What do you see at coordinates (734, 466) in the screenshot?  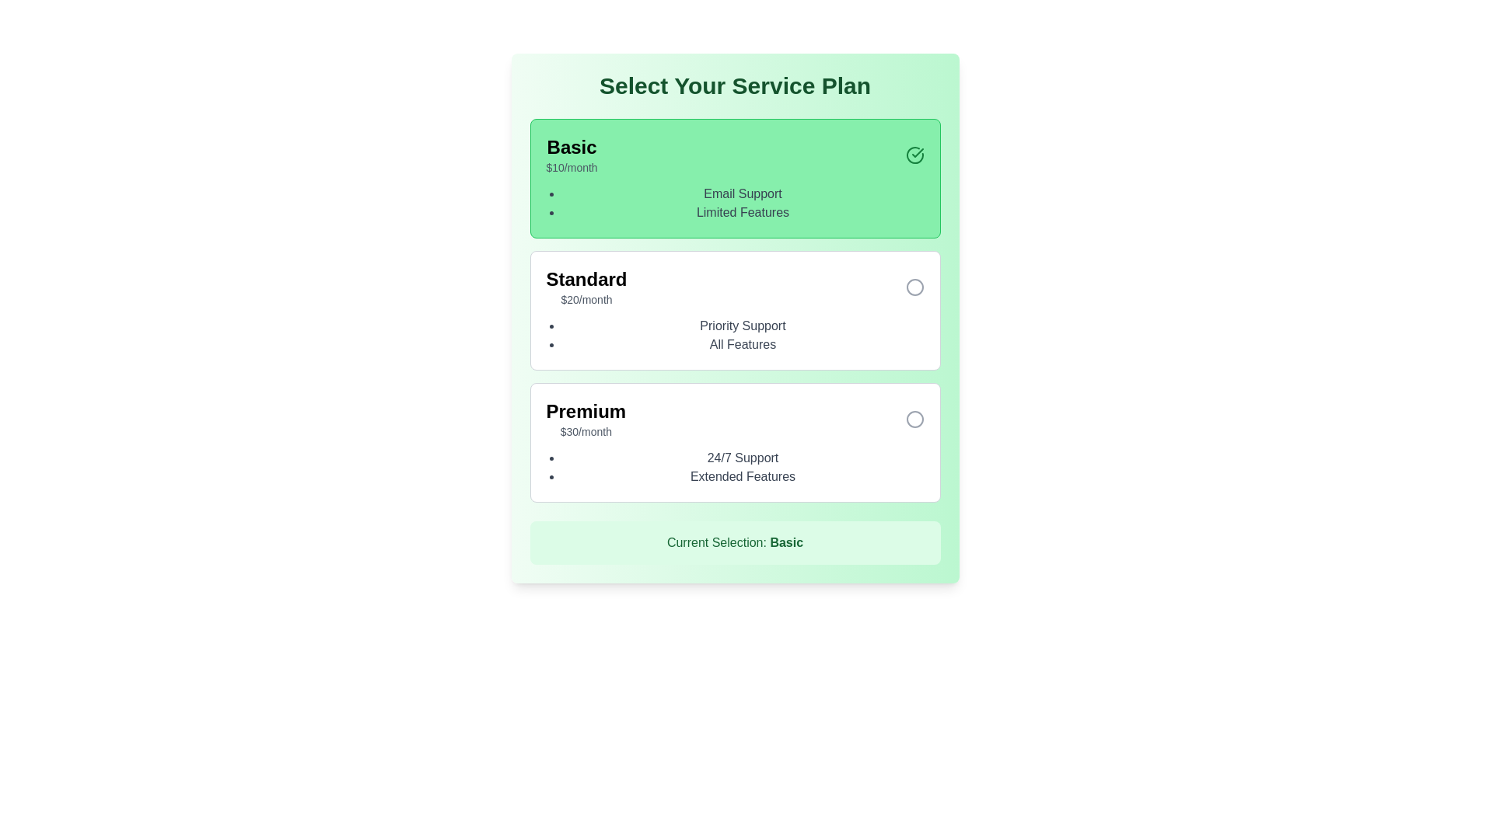 I see `text contained in the List item group element displaying '24/7 Support' and 'Extended Features', which is styled in gray and located within the 'Premium' plan description box` at bounding box center [734, 466].